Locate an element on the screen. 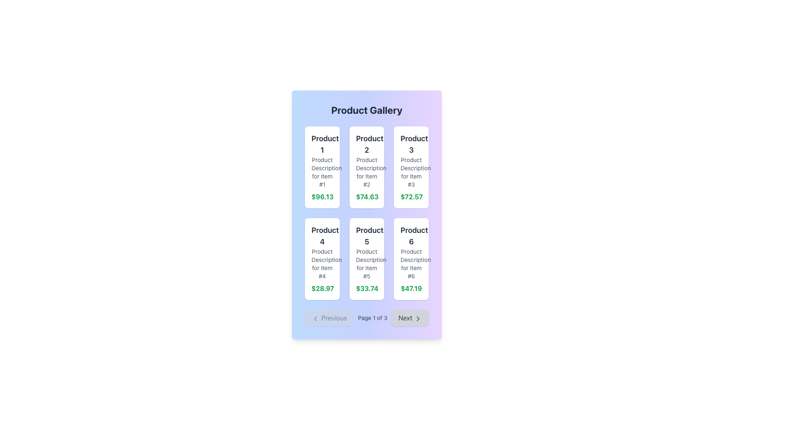 This screenshot has width=787, height=442. the price text label of 'Product 3' is located at coordinates (411, 197).